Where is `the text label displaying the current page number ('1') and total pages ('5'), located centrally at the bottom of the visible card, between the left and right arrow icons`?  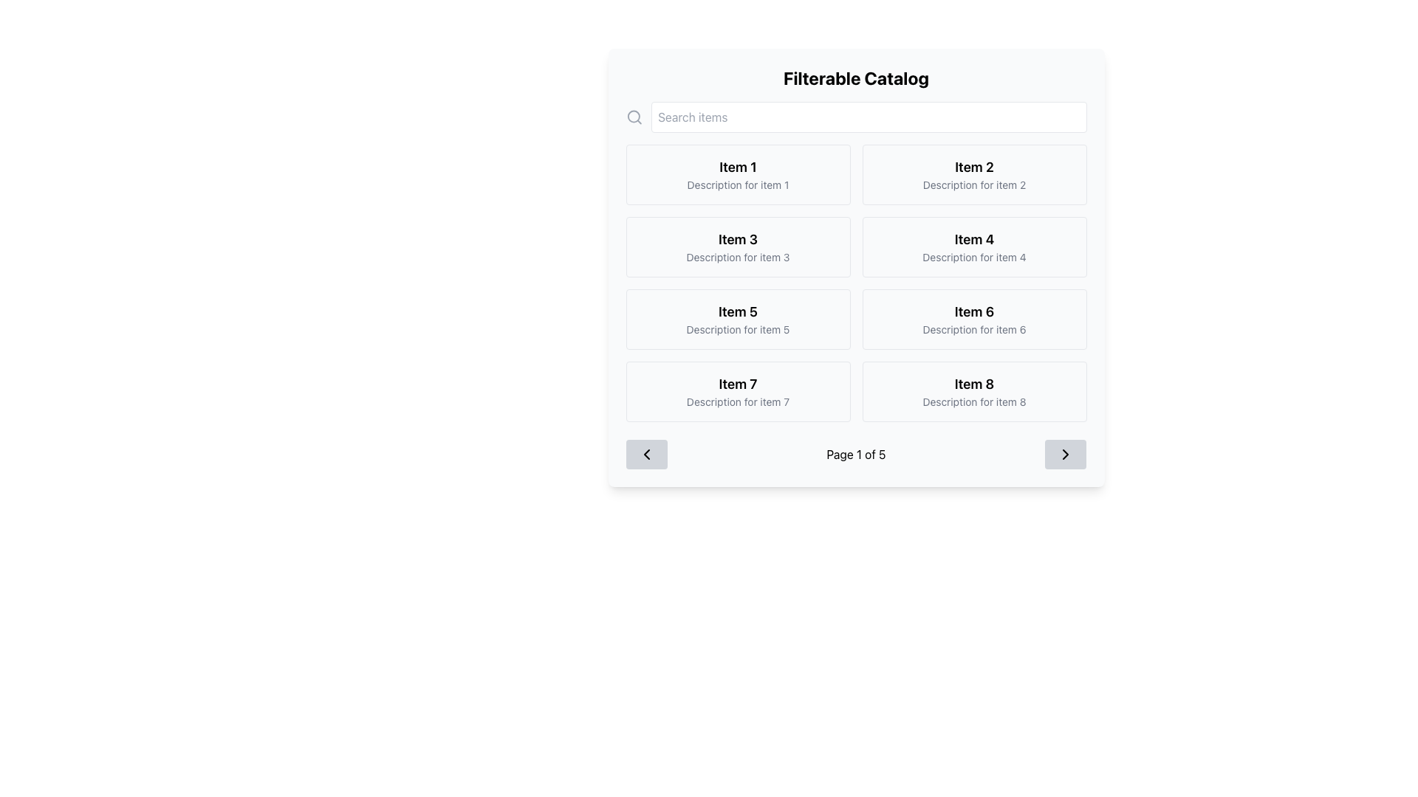
the text label displaying the current page number ('1') and total pages ('5'), located centrally at the bottom of the visible card, between the left and right arrow icons is located at coordinates (856, 454).